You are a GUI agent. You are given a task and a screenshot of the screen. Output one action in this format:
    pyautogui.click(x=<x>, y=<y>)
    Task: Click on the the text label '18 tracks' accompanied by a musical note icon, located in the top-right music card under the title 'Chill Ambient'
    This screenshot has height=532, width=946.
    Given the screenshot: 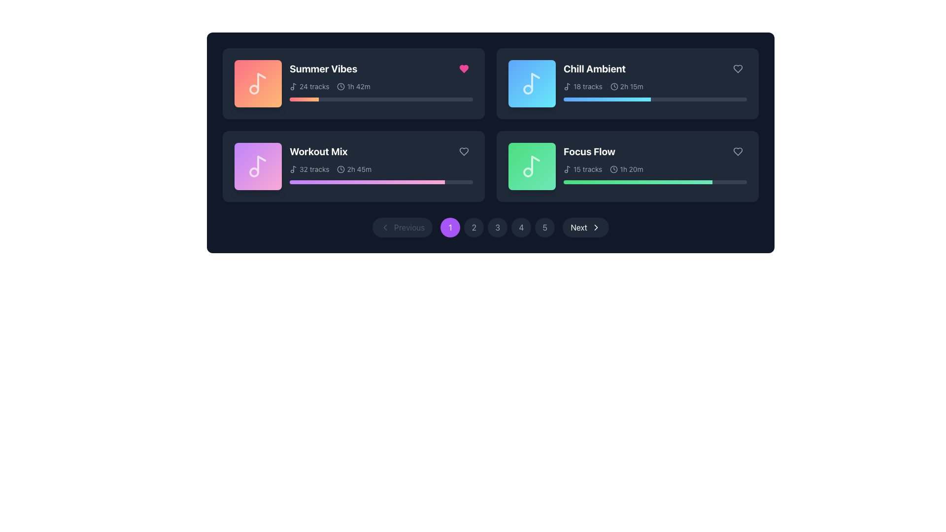 What is the action you would take?
    pyautogui.click(x=583, y=86)
    